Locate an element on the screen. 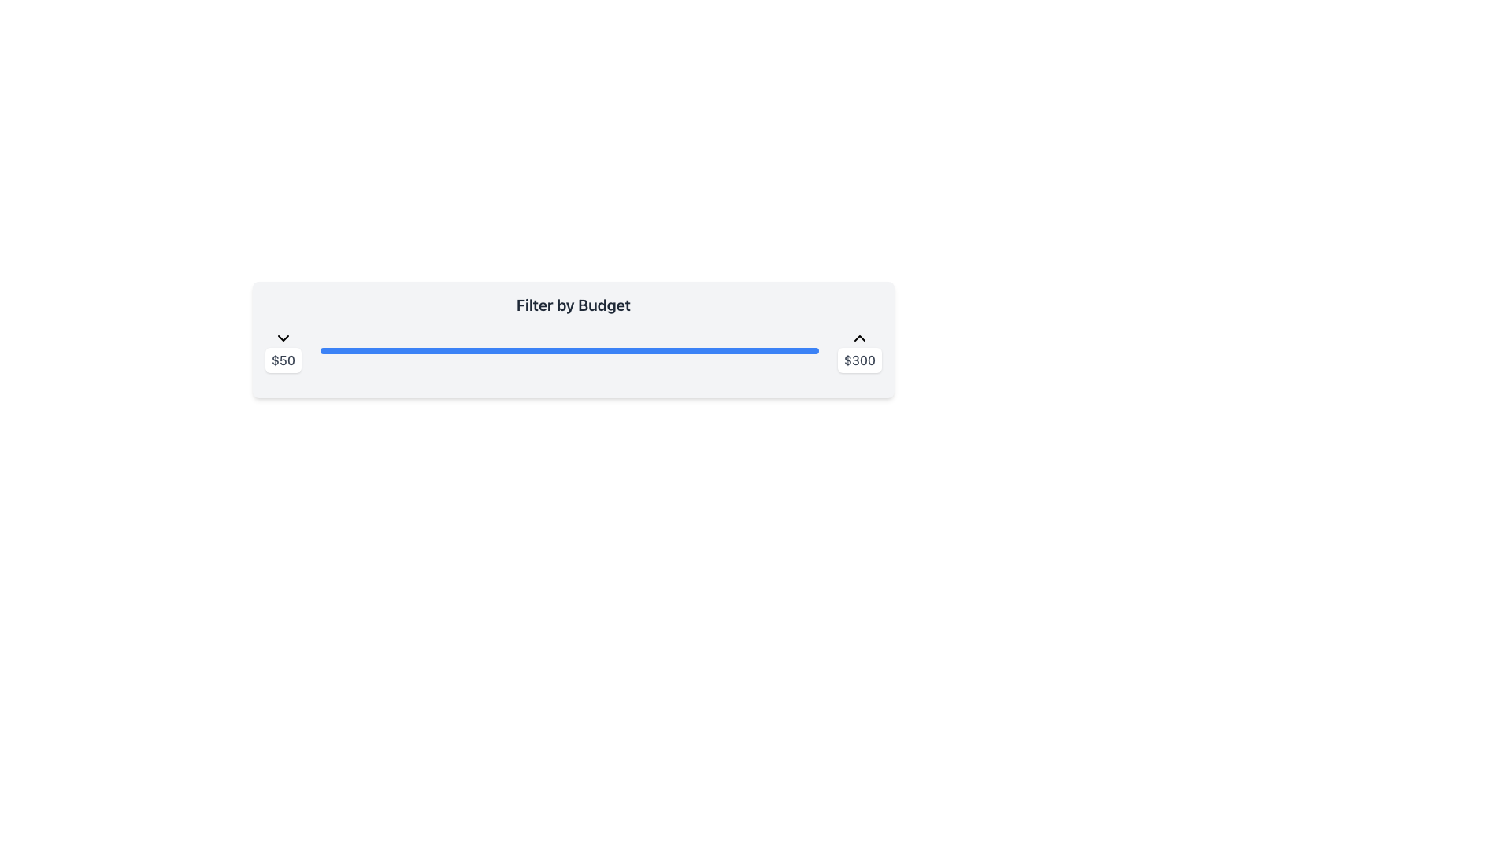  the budget filter is located at coordinates (441, 350).